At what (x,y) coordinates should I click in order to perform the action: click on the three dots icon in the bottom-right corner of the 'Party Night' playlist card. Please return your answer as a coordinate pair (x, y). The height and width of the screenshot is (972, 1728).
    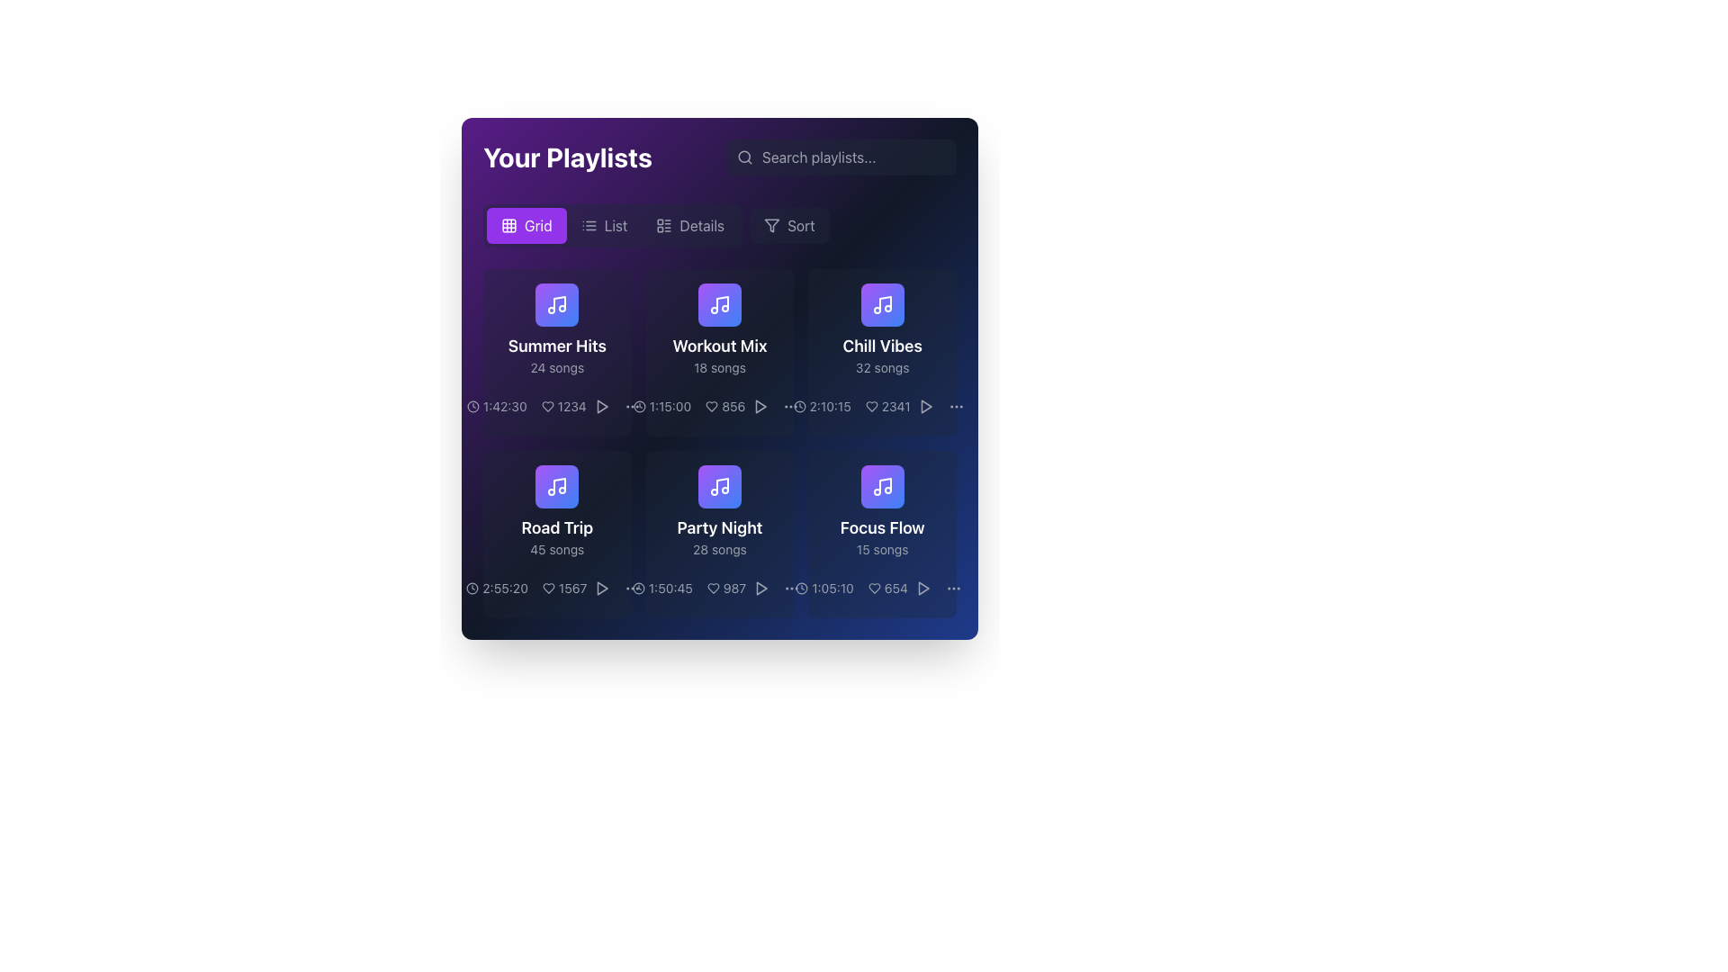
    Looking at the image, I should click on (632, 589).